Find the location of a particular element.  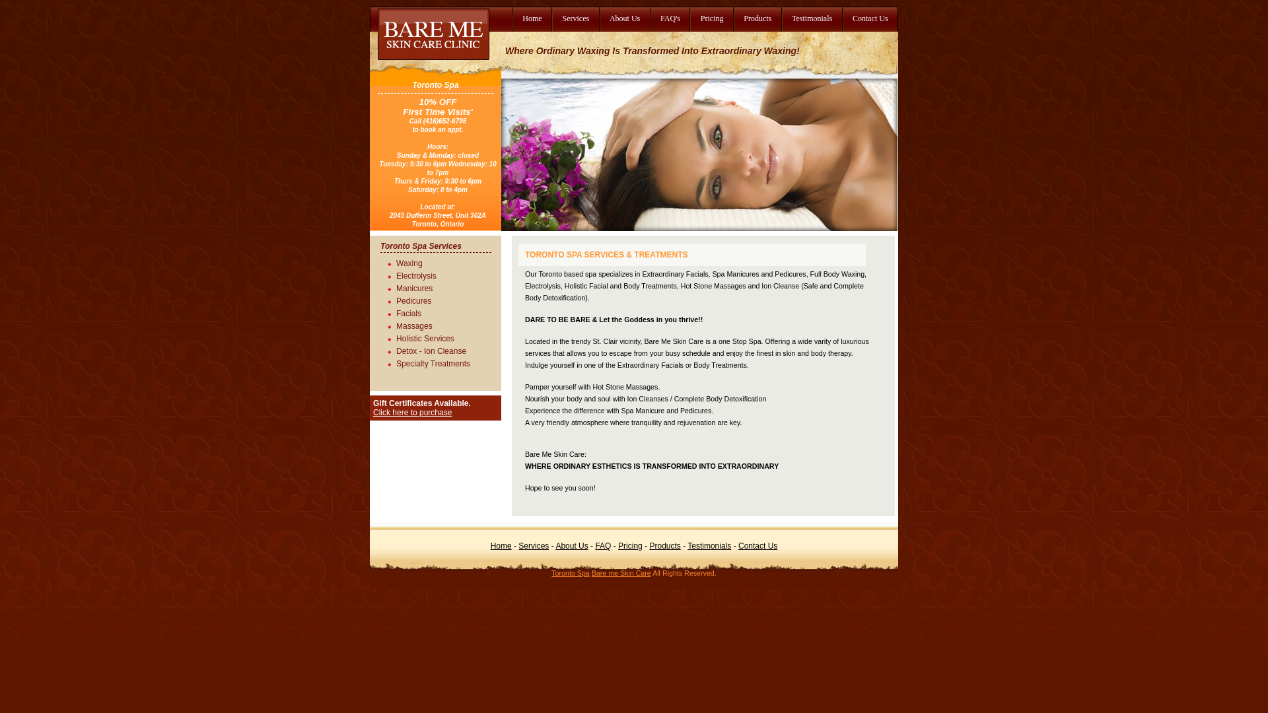

'Services' is located at coordinates (533, 545).